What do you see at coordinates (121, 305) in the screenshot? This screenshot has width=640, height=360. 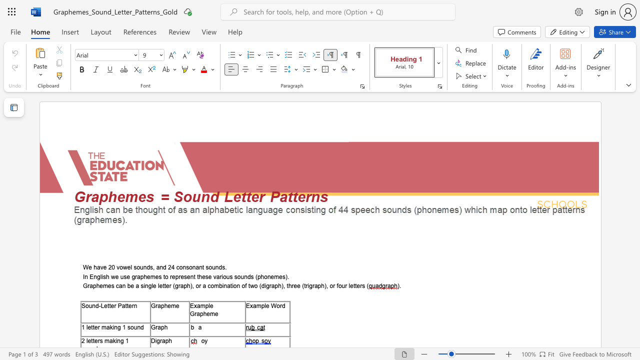 I see `the subset text "at" within the text "Sound-Letter Pattern"` at bounding box center [121, 305].